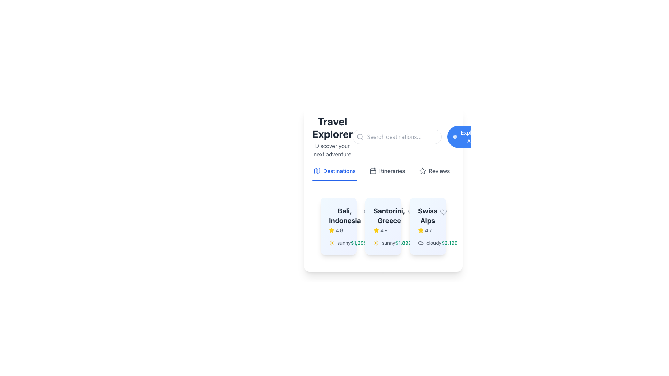 This screenshot has width=669, height=376. What do you see at coordinates (422, 171) in the screenshot?
I see `the star-shaped icon located to the left of the text 'Reviews' in the horizontal menu group` at bounding box center [422, 171].